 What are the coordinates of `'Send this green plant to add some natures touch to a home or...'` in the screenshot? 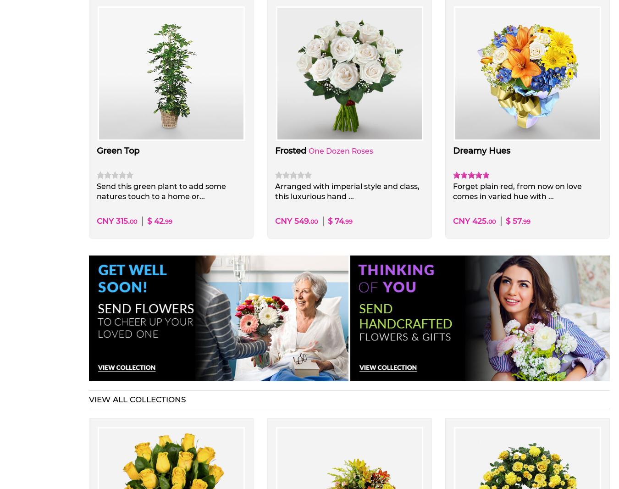 It's located at (97, 191).